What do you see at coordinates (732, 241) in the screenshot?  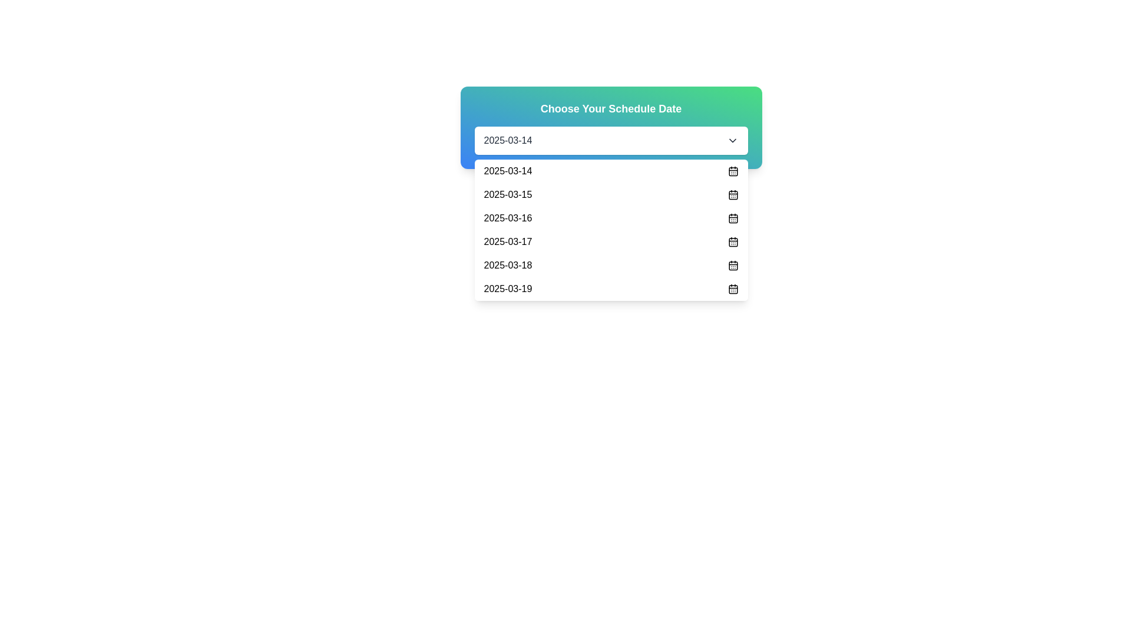 I see `the calendar icon located to the far right of the '2025-03-17' date text in the dropdown list, which has a square outline and a grid-like pattern` at bounding box center [732, 241].